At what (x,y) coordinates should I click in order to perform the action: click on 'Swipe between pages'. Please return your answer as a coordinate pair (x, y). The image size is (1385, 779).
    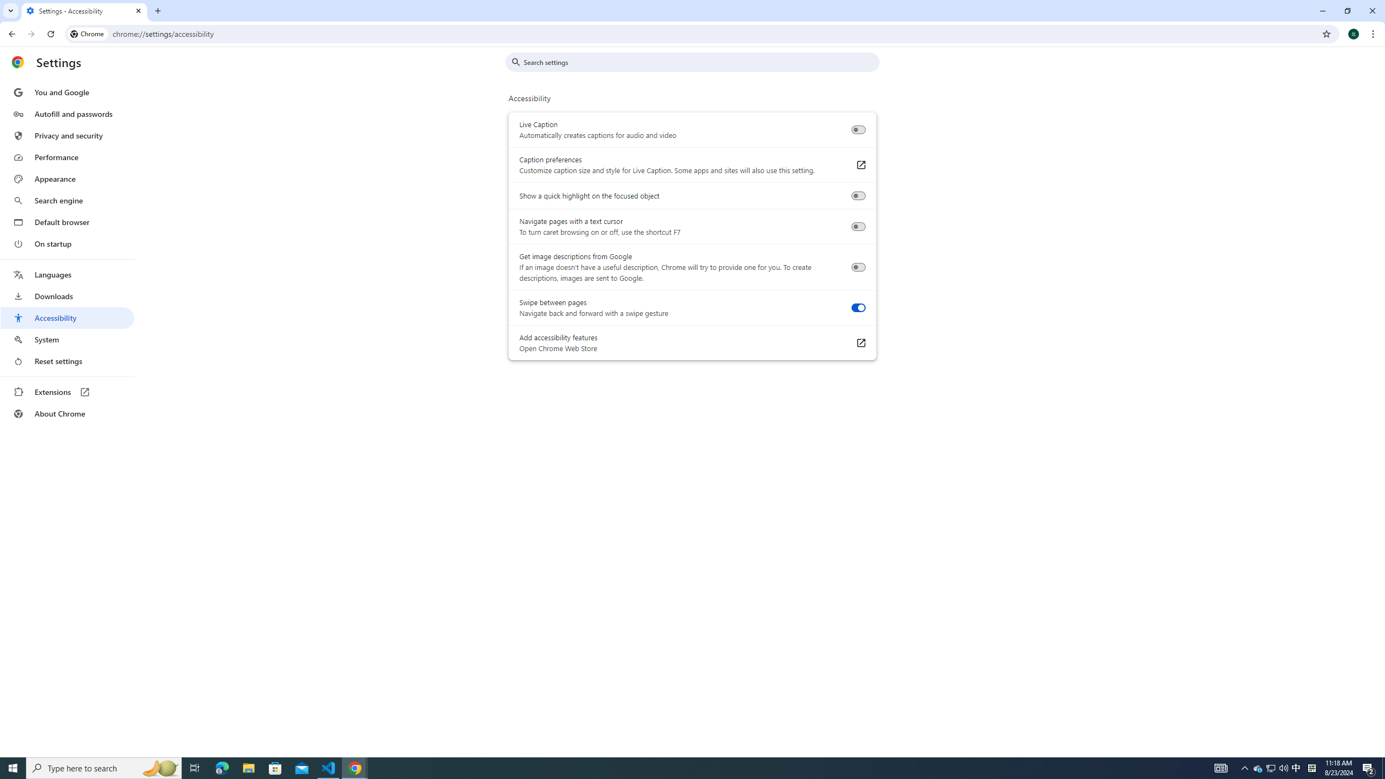
    Looking at the image, I should click on (858, 307).